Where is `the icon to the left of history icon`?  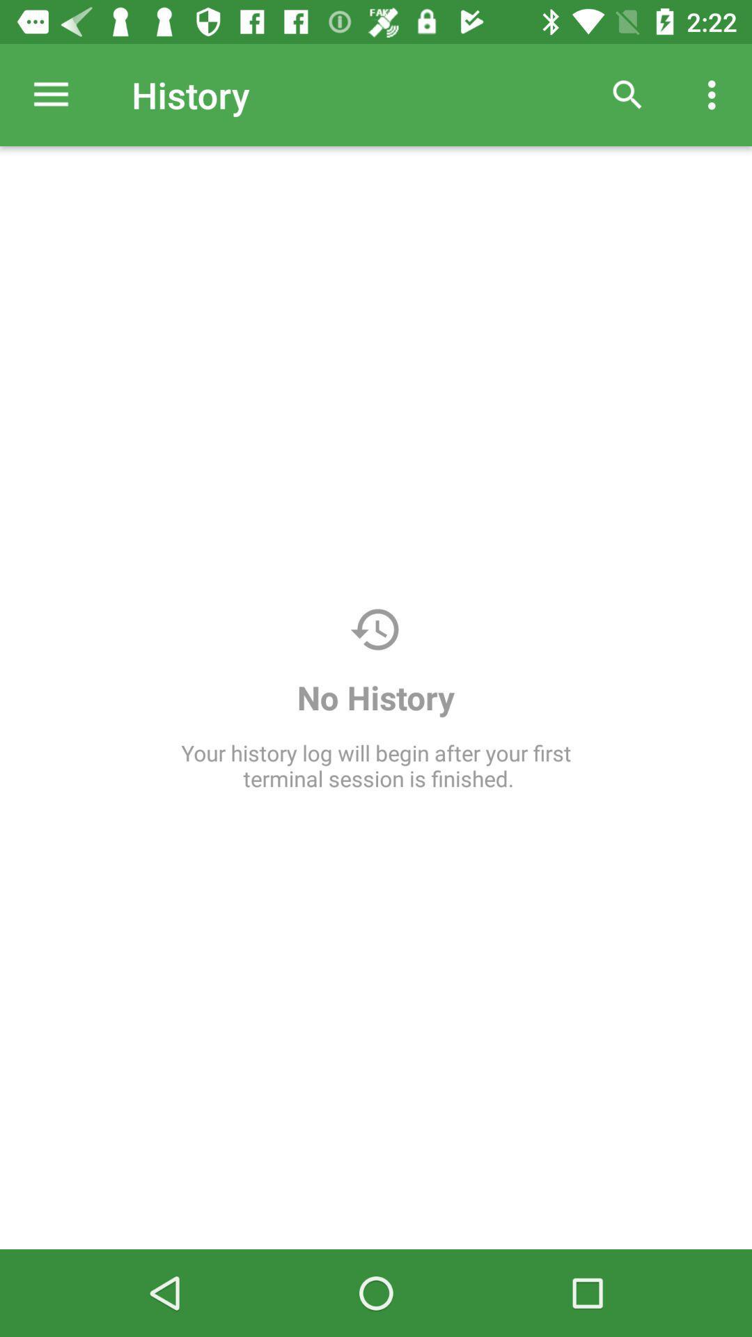 the icon to the left of history icon is located at coordinates (50, 94).